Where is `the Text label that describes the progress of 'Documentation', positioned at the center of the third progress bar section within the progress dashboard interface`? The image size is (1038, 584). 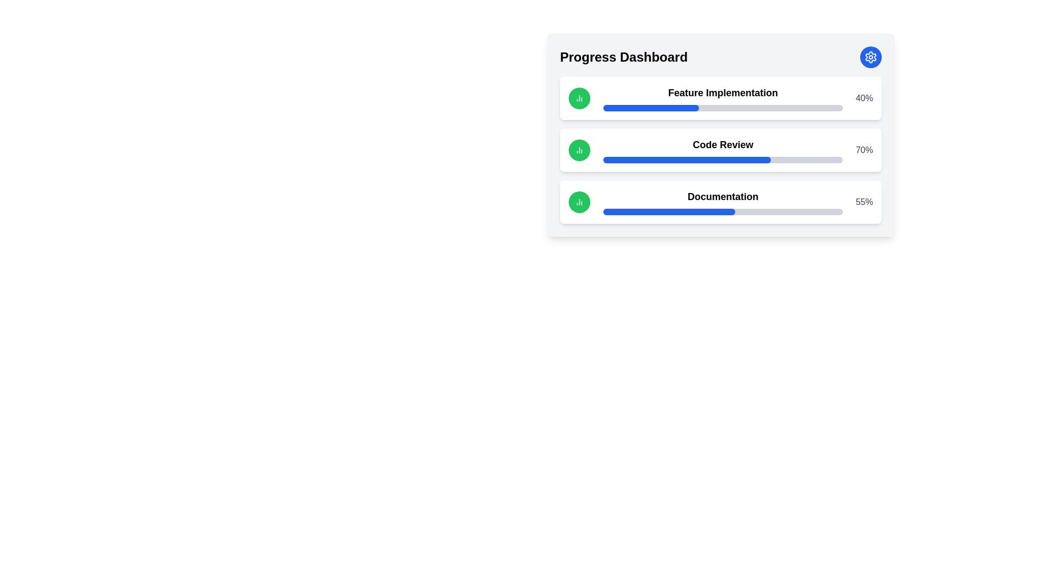
the Text label that describes the progress of 'Documentation', positioned at the center of the third progress bar section within the progress dashboard interface is located at coordinates (723, 202).